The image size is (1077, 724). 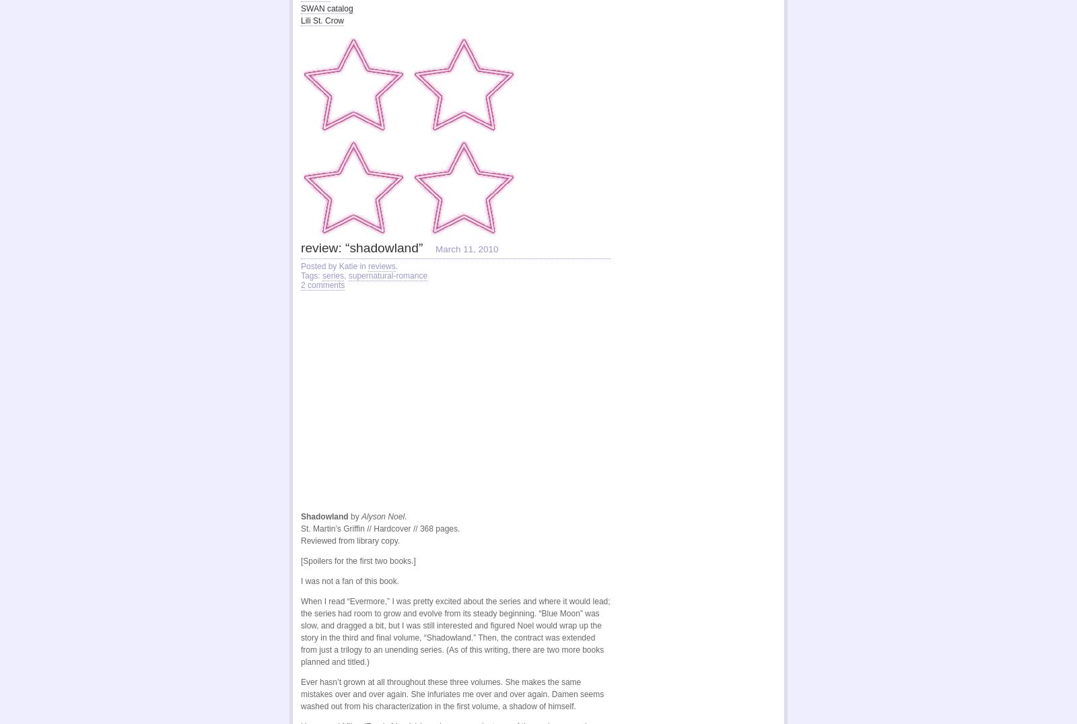 I want to click on 'Posted by Katie in', so click(x=333, y=265).